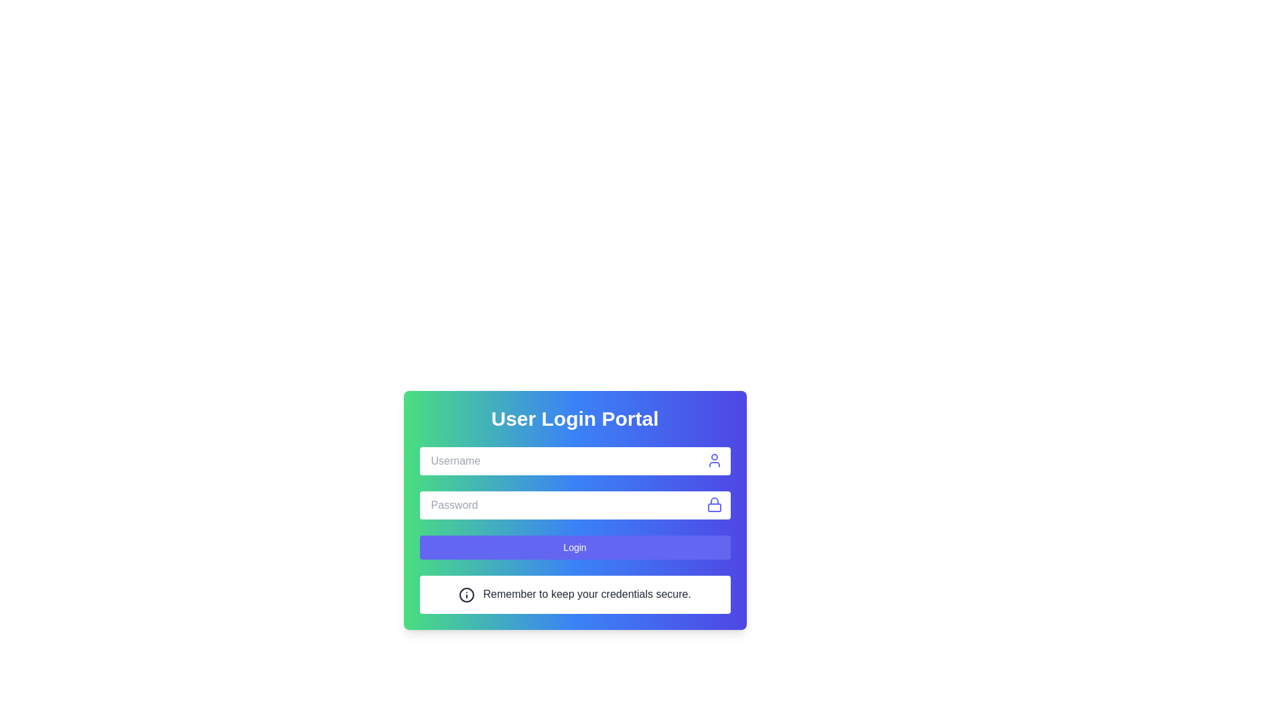 This screenshot has height=723, width=1286. Describe the element at coordinates (575, 505) in the screenshot. I see `the password input field located below the 'Username' input field and above the 'Login' button in the 'User Login Portal'` at that location.